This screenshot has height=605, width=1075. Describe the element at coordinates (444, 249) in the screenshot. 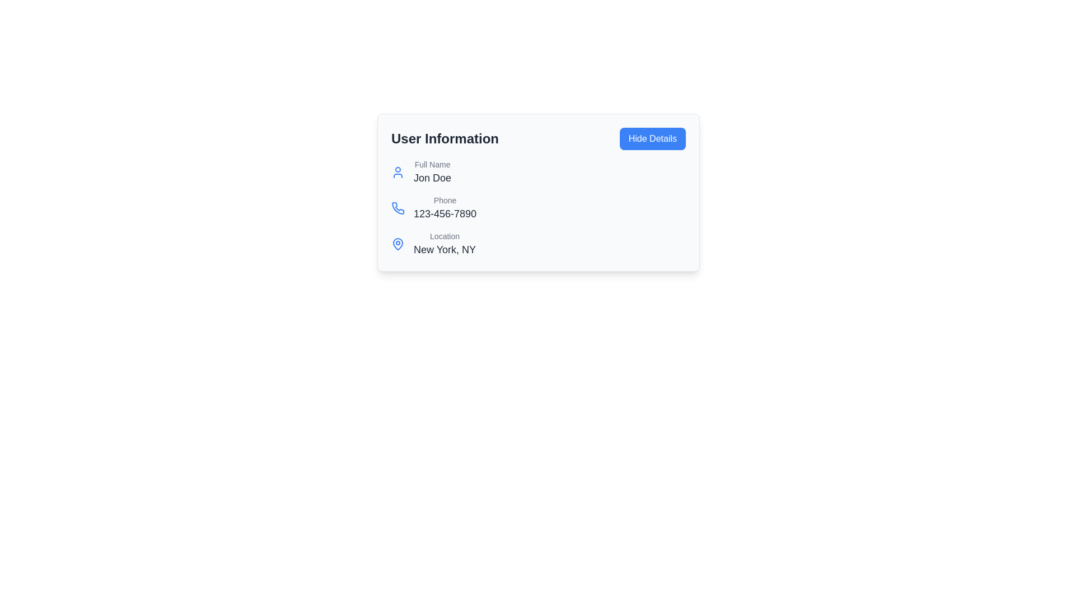

I see `content displayed in the text label that shows 'New York, NY' beneath the 'Location' label in the user details card` at that location.